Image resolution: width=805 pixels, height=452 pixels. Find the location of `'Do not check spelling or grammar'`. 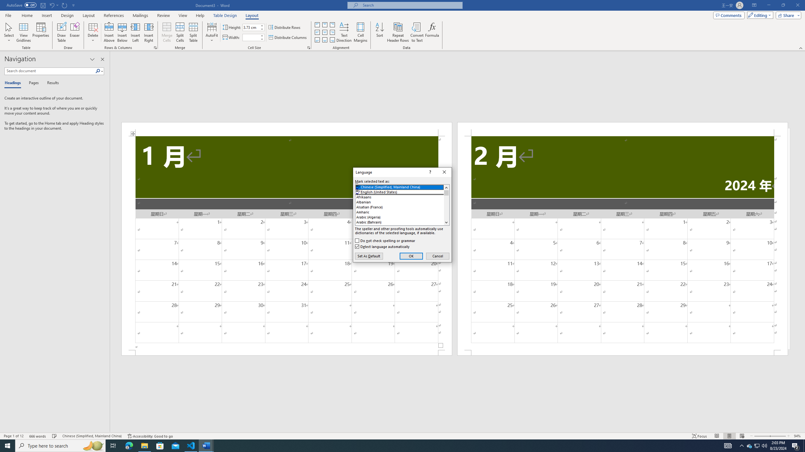

'Do not check spelling or grammar' is located at coordinates (386, 240).